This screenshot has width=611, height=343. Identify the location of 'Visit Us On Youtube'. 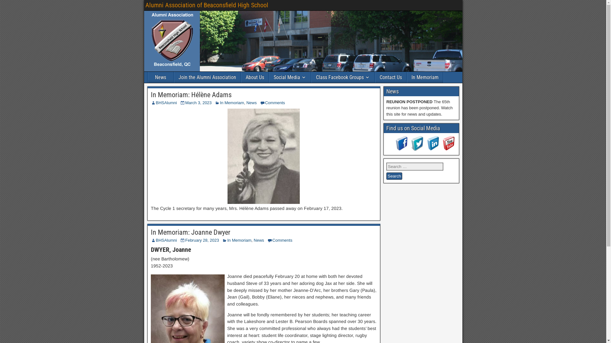
(440, 149).